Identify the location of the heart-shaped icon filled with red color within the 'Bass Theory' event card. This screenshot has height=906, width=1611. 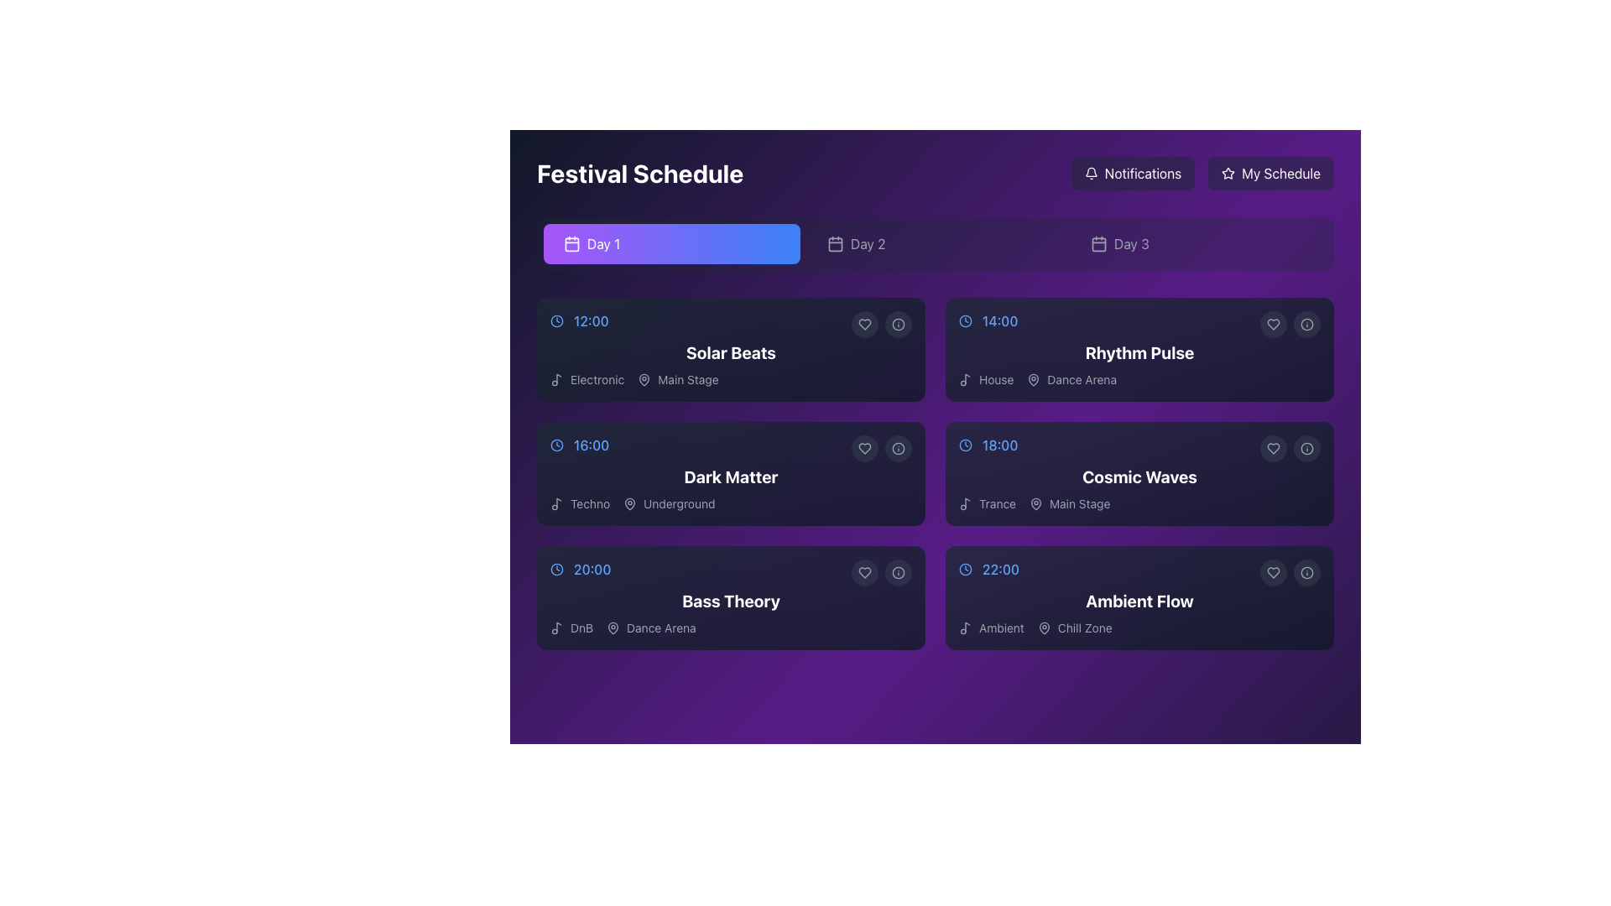
(865, 571).